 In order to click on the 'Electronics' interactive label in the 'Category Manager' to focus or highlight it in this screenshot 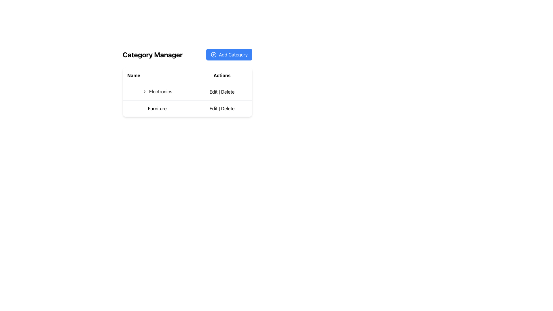, I will do `click(157, 91)`.